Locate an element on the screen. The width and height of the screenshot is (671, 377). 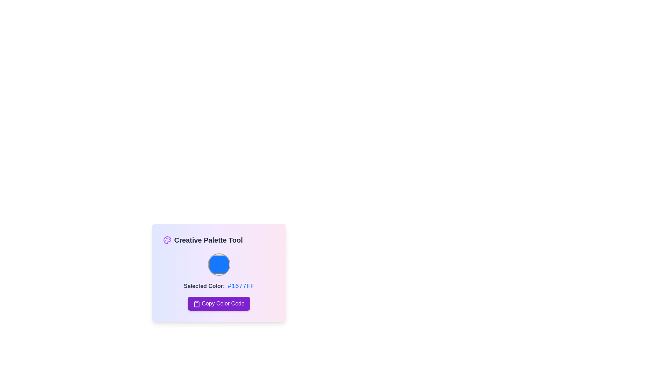
the Color selection indicator representing the currently selected color (#1677FF) to confirm color selection or trigger additional actions is located at coordinates (218, 265).